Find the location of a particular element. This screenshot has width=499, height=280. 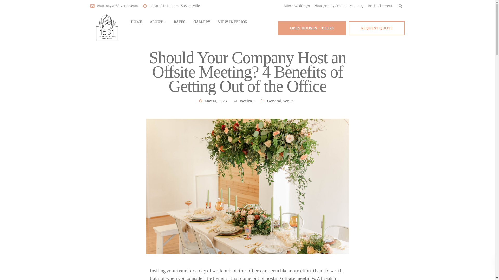

'Micro Weddings' is located at coordinates (297, 6).